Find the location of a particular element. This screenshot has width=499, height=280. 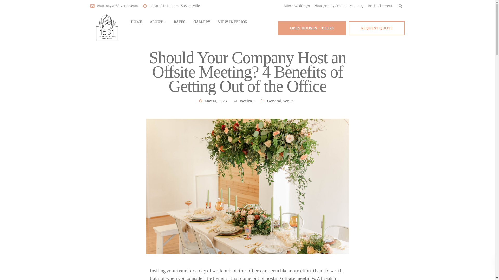

'Micro Weddings' is located at coordinates (297, 6).